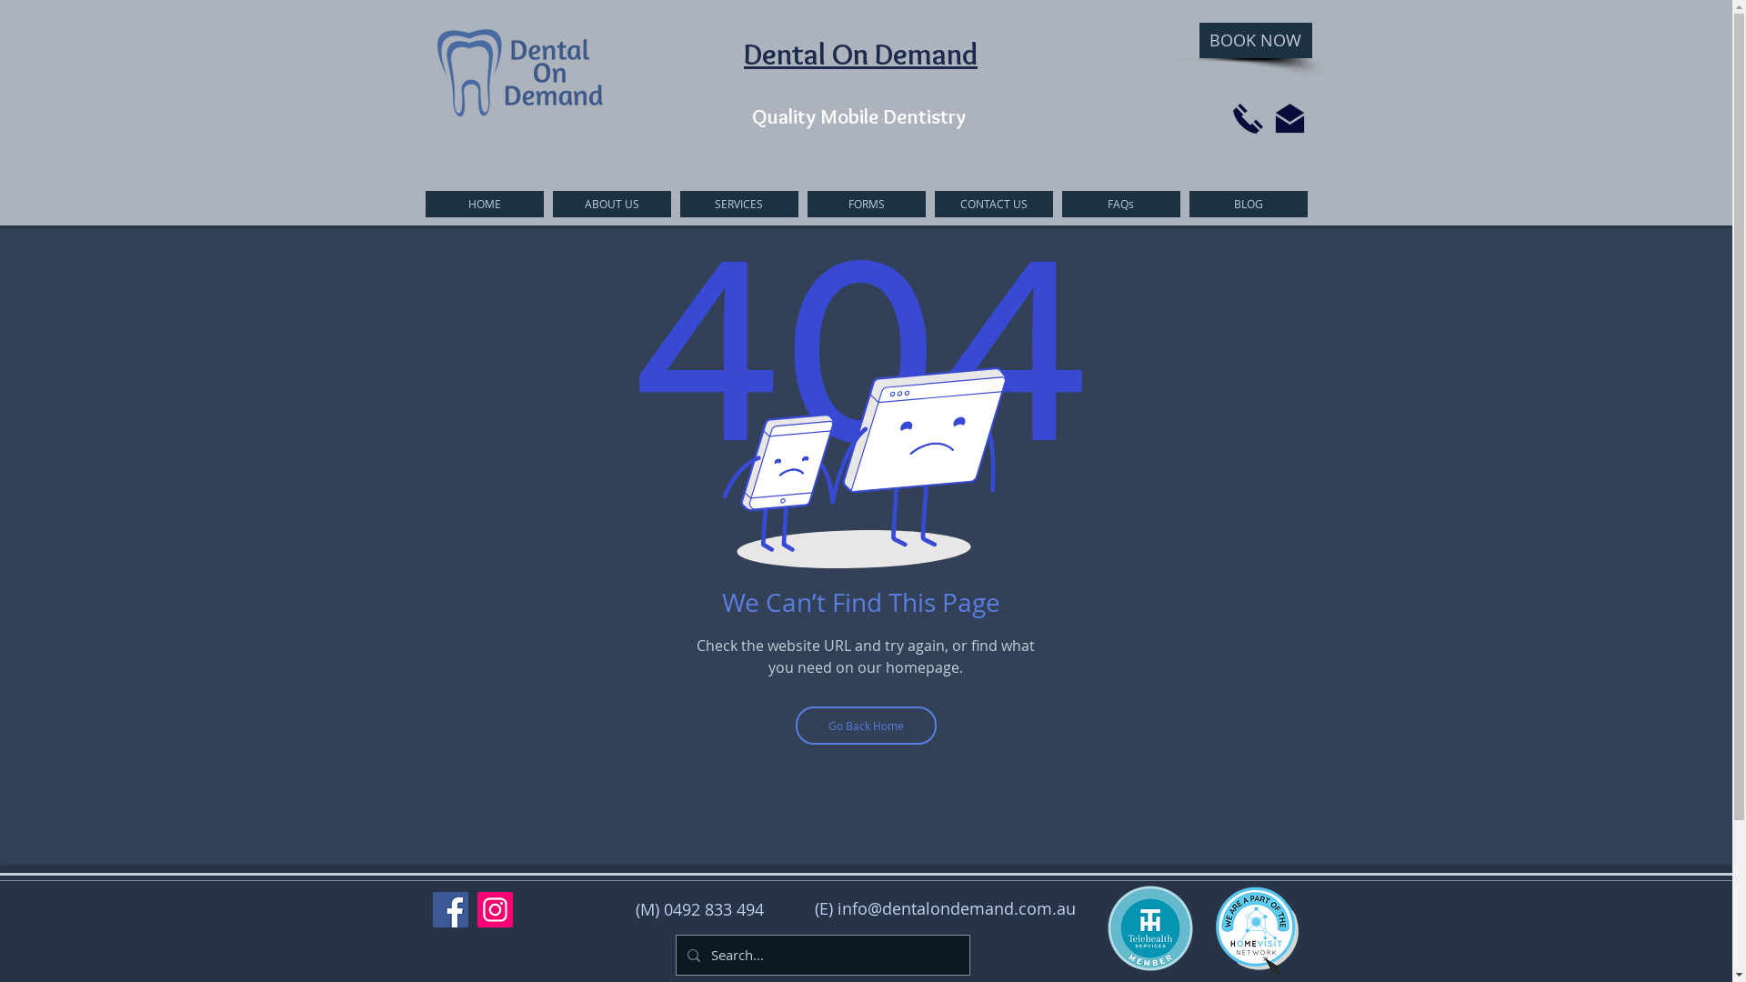 The height and width of the screenshot is (982, 1746). What do you see at coordinates (750, 115) in the screenshot?
I see `'Quality Mobile Dentistry'` at bounding box center [750, 115].